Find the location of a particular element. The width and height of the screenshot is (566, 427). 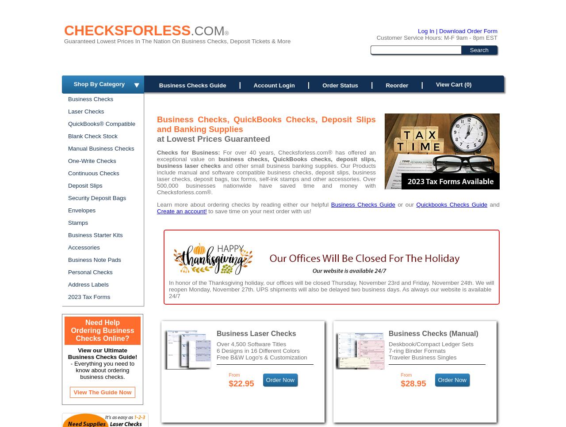

'Guaranteed Lowest Prices In The Nation On Business Checks, Deposit Tickets & More' is located at coordinates (177, 41).